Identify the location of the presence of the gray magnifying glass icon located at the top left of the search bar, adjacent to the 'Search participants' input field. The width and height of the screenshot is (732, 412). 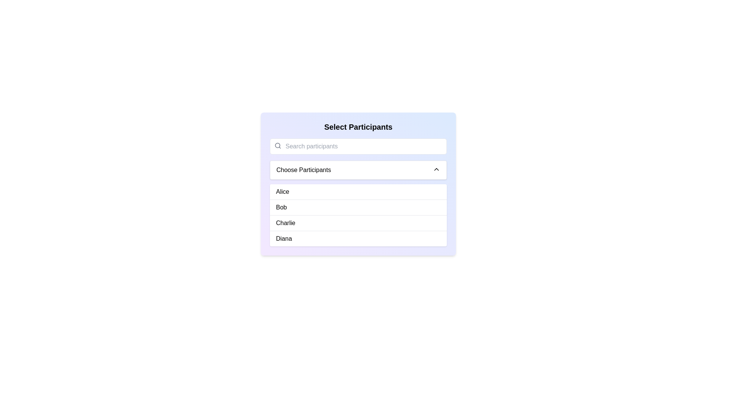
(278, 145).